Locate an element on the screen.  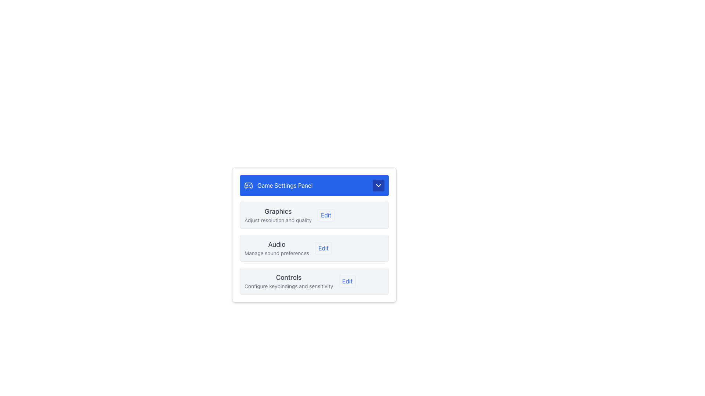
the button on the rightmost side of the 'Game Settings Panel' header to observe visual changes is located at coordinates (379, 185).